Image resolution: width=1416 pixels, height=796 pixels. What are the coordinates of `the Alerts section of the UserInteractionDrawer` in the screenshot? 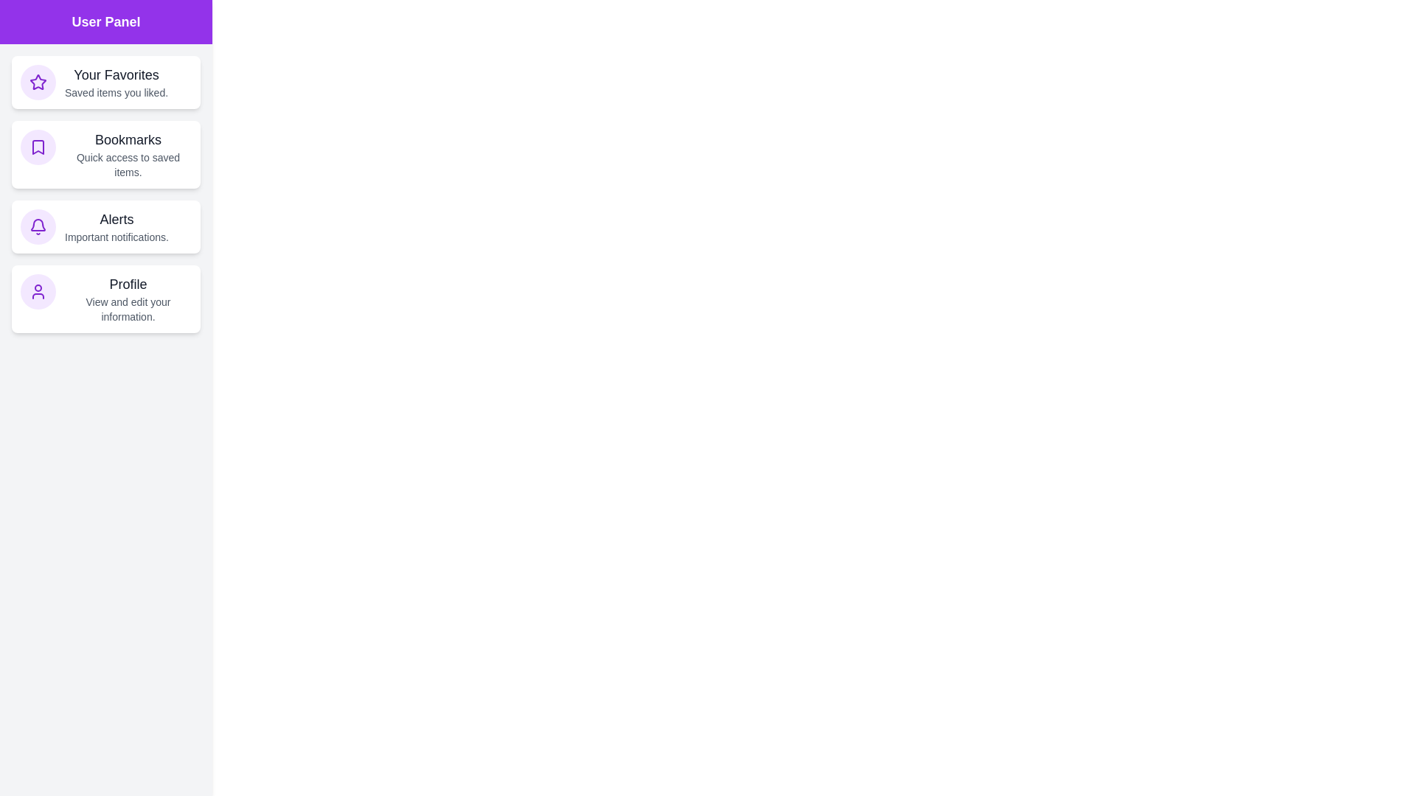 It's located at (105, 227).